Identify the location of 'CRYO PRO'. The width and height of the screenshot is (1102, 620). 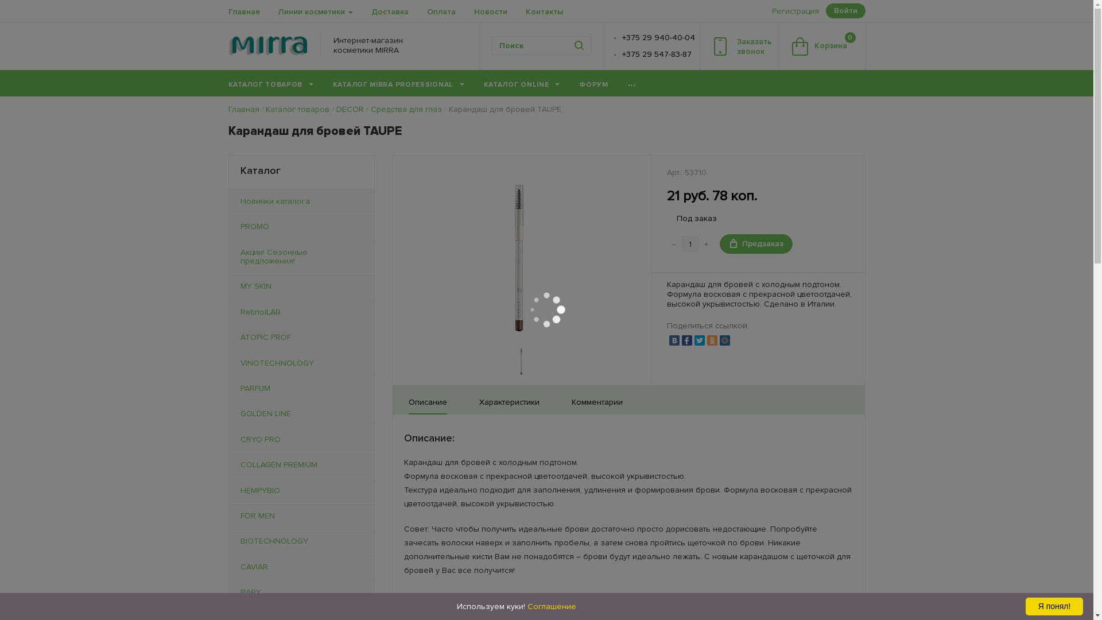
(301, 439).